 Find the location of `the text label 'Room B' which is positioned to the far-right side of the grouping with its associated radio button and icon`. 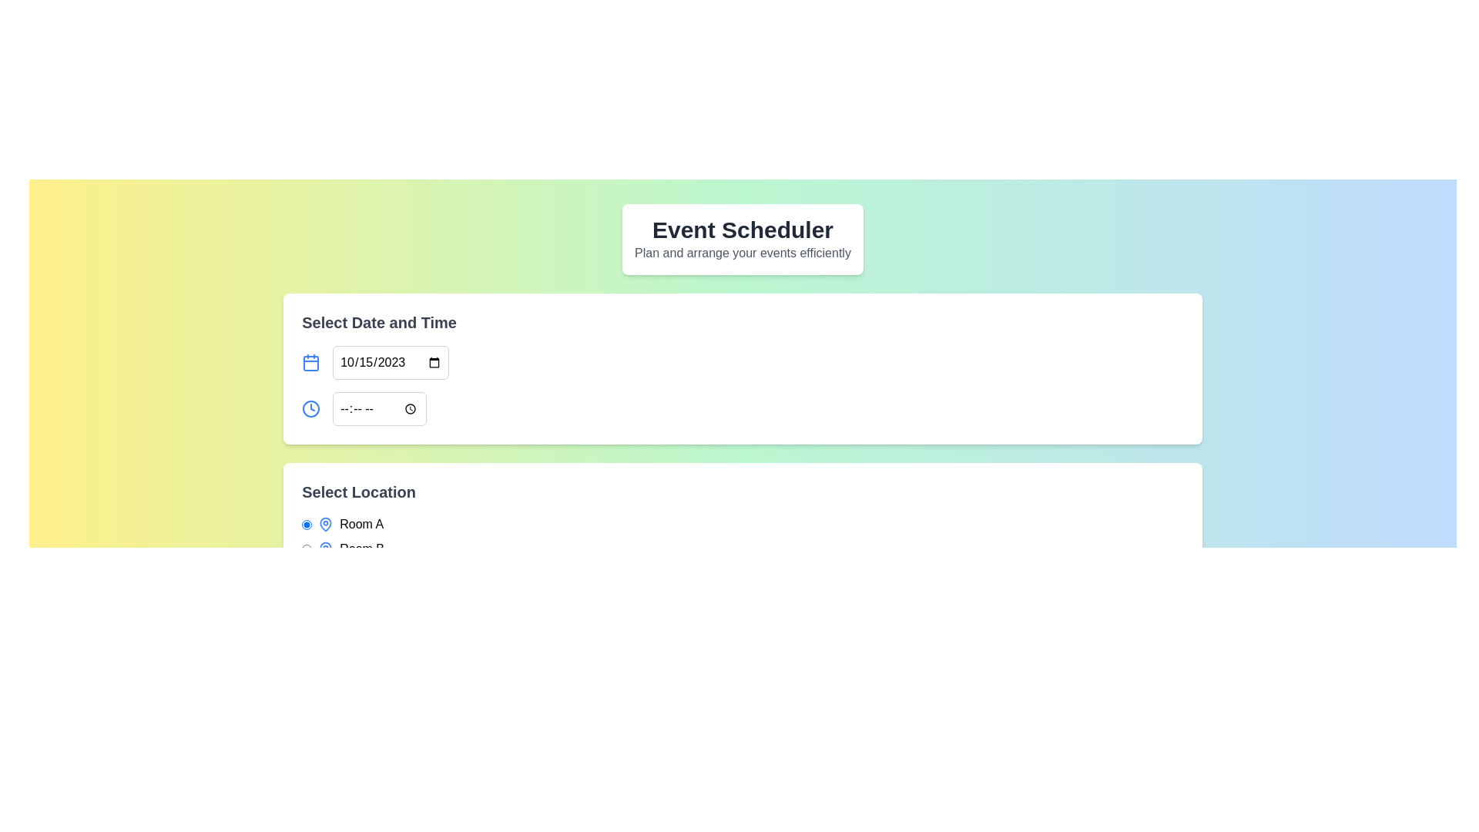

the text label 'Room B' which is positioned to the far-right side of the grouping with its associated radio button and icon is located at coordinates (361, 549).